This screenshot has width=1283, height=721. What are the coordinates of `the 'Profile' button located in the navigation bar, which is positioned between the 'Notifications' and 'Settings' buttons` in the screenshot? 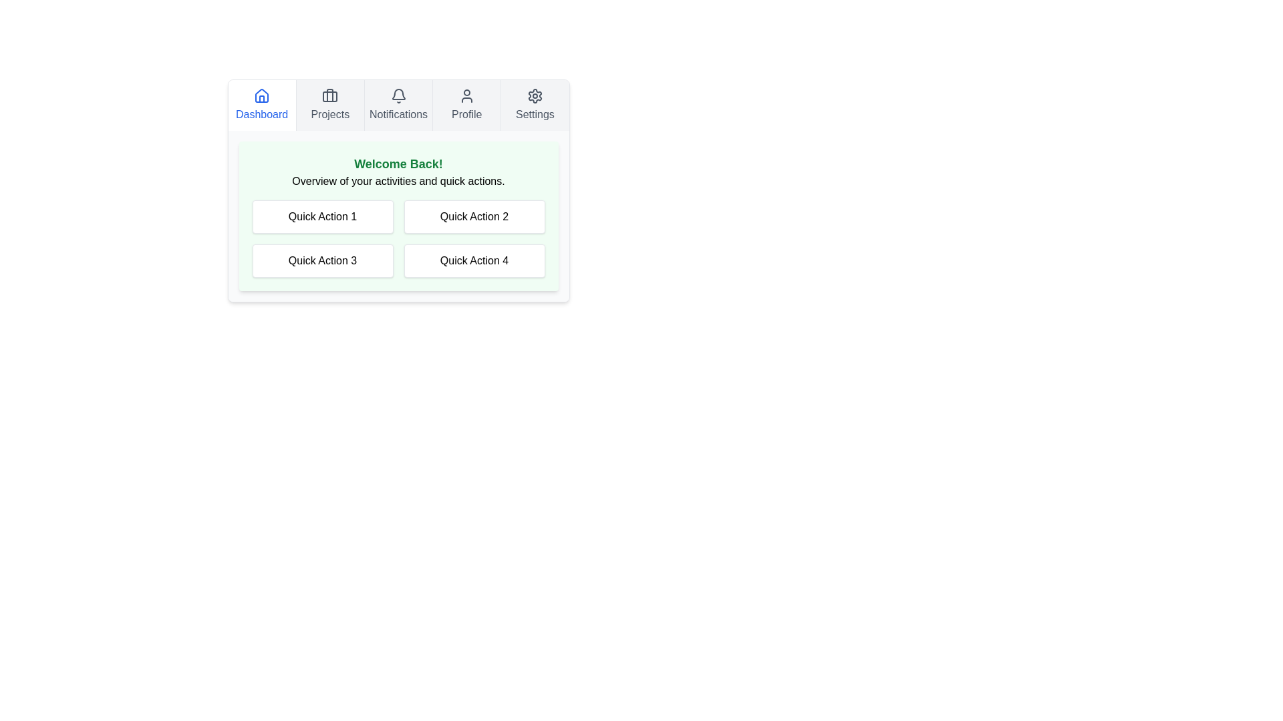 It's located at (466, 105).